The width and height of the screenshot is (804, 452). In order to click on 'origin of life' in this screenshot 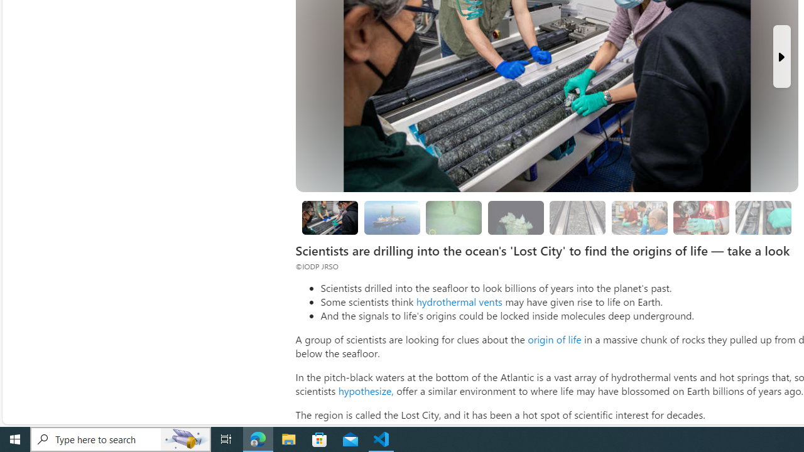, I will do `click(553, 339)`.